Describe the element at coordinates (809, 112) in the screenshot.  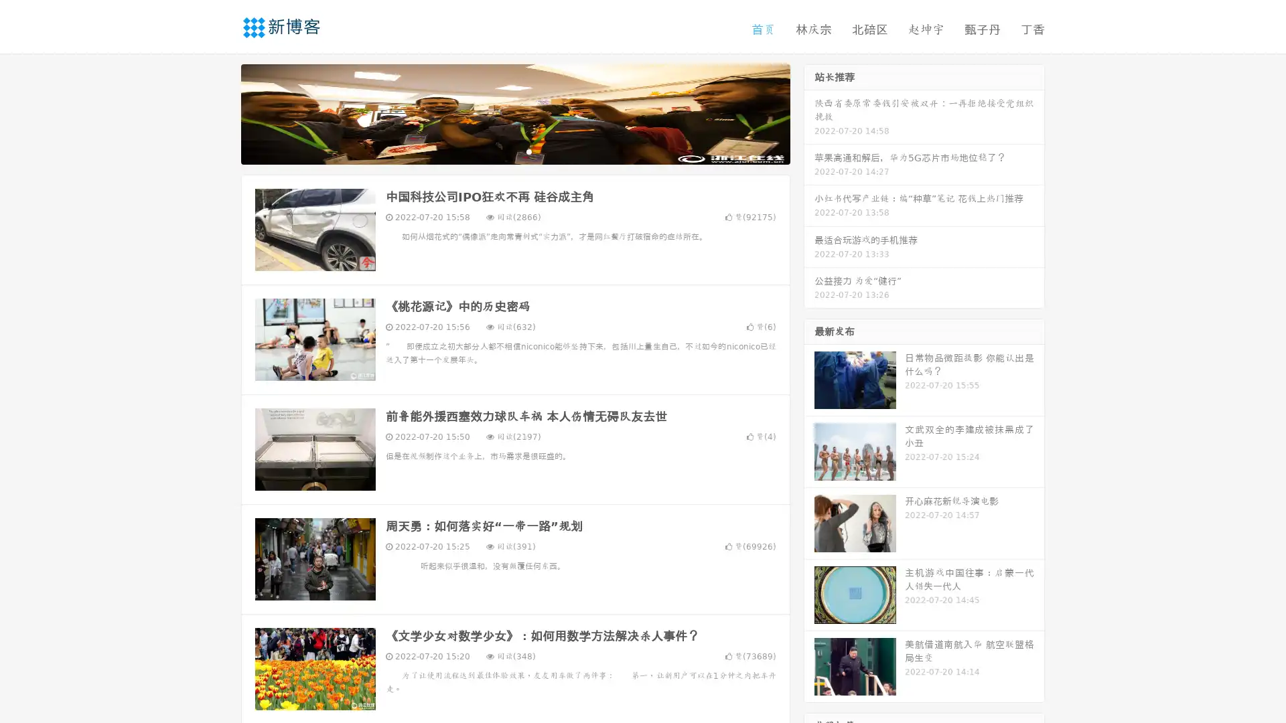
I see `Next slide` at that location.